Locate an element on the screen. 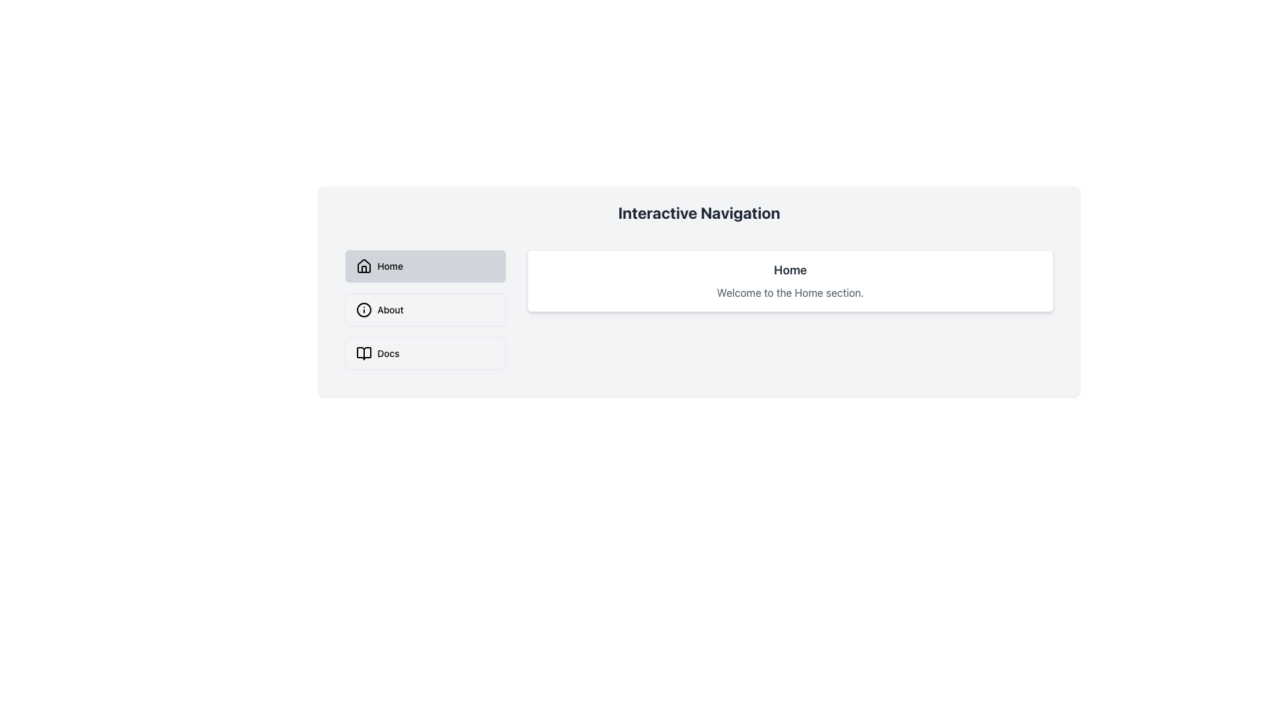  the static text element that reads 'Welcome to the Home section.' which is styled in muted gray color and positioned below the bold heading 'Home' within a rounded rectangle card is located at coordinates (790, 292).